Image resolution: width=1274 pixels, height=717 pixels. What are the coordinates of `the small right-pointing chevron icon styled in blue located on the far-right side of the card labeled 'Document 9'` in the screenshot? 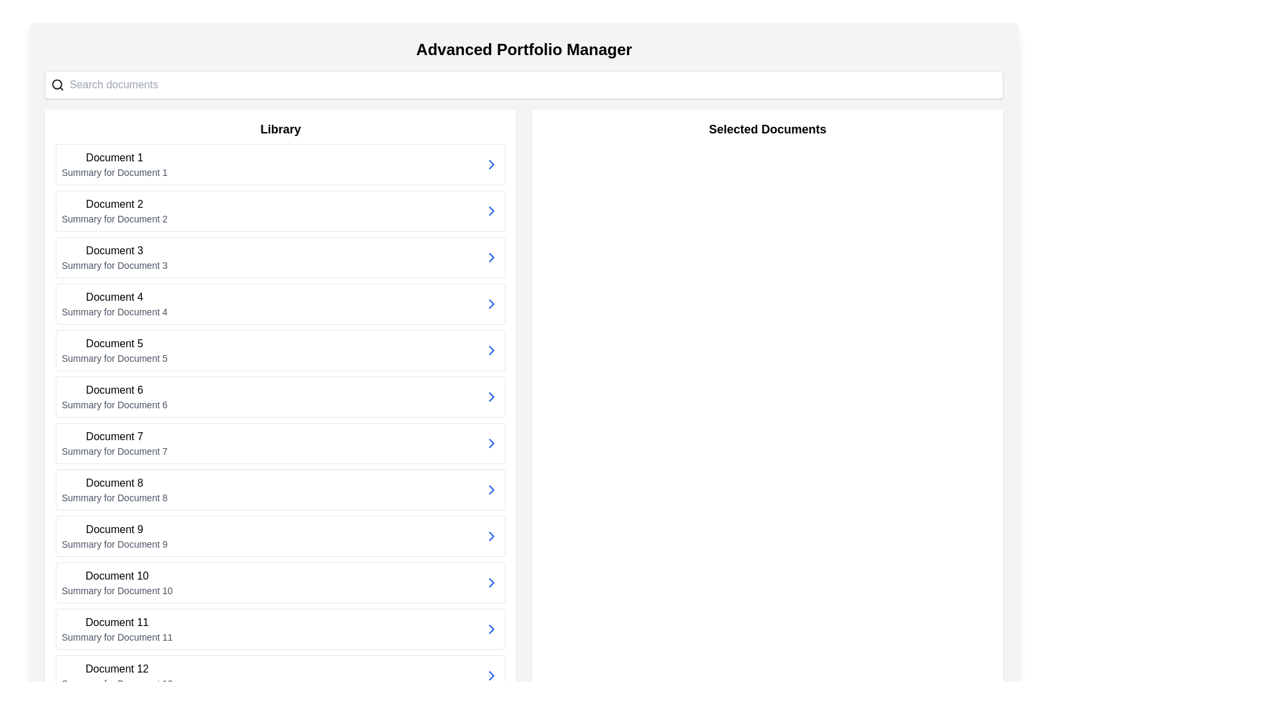 It's located at (490, 535).